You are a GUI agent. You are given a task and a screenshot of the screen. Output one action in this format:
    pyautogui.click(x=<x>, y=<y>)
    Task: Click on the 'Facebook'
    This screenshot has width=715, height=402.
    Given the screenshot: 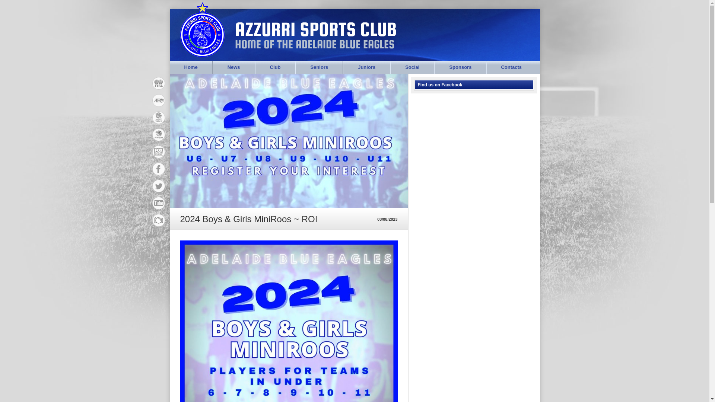 What is the action you would take?
    pyautogui.click(x=158, y=83)
    